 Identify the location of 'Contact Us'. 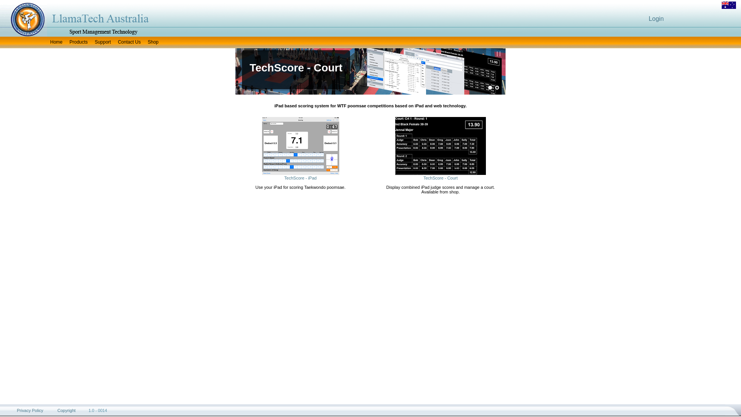
(129, 42).